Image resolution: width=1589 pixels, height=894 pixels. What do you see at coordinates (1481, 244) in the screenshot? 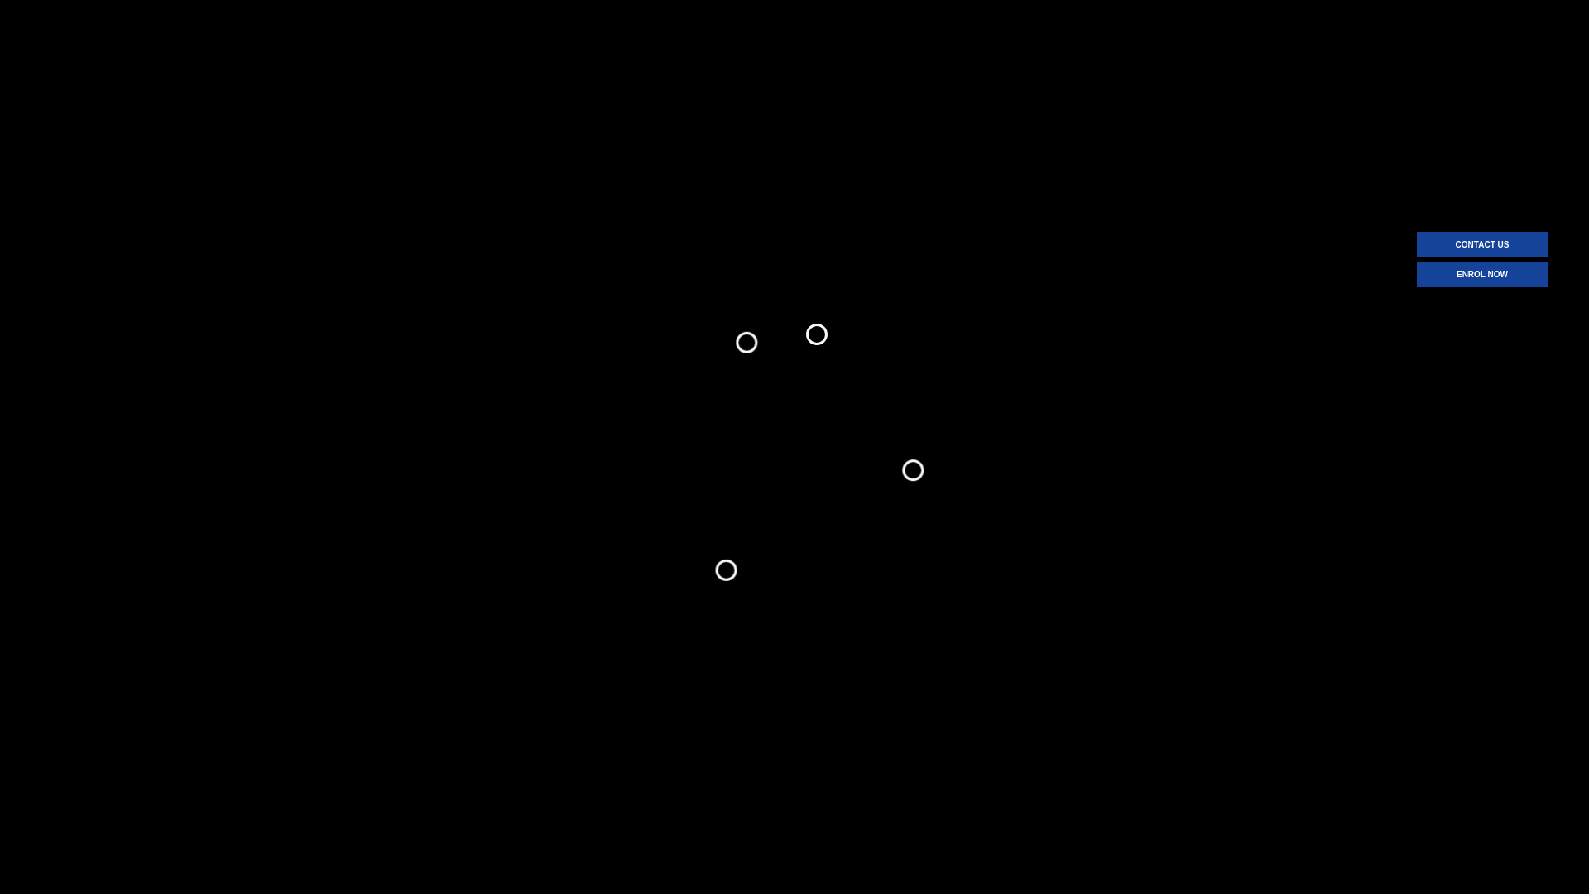
I see `'CONTACT US'` at bounding box center [1481, 244].